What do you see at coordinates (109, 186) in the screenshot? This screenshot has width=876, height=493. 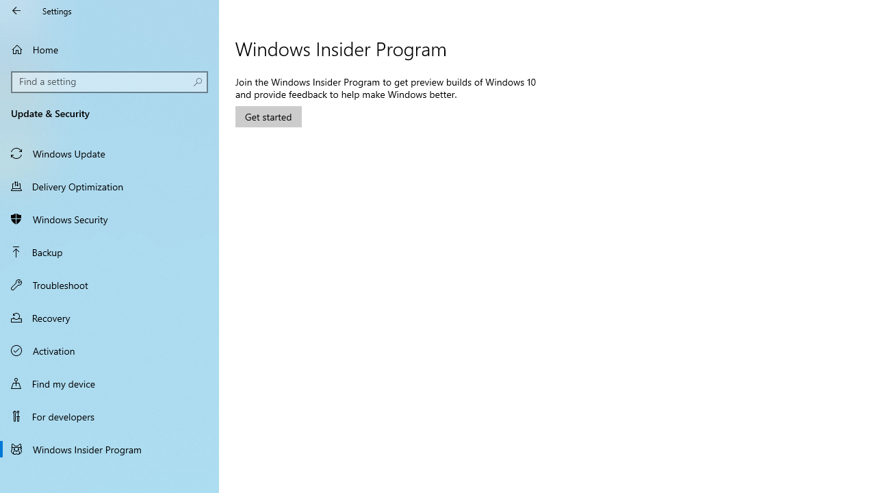 I see `'Delivery Optimization'` at bounding box center [109, 186].